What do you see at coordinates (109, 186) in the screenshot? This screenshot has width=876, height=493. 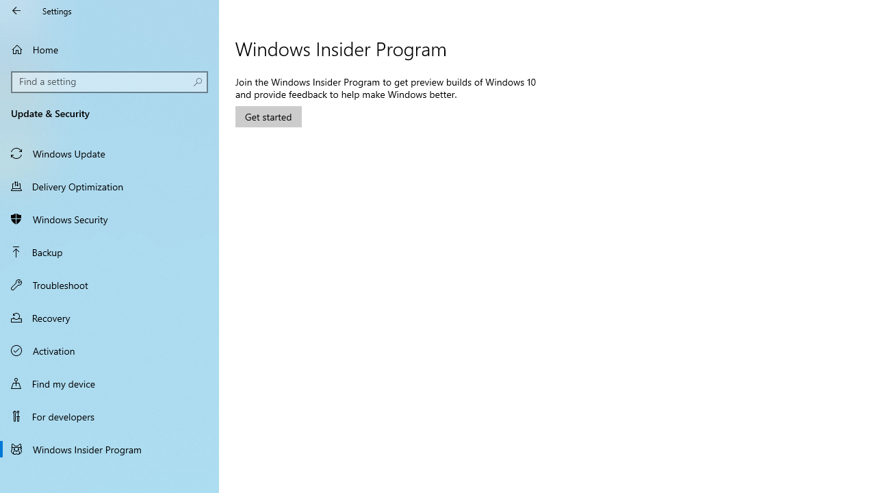 I see `'Delivery Optimization'` at bounding box center [109, 186].